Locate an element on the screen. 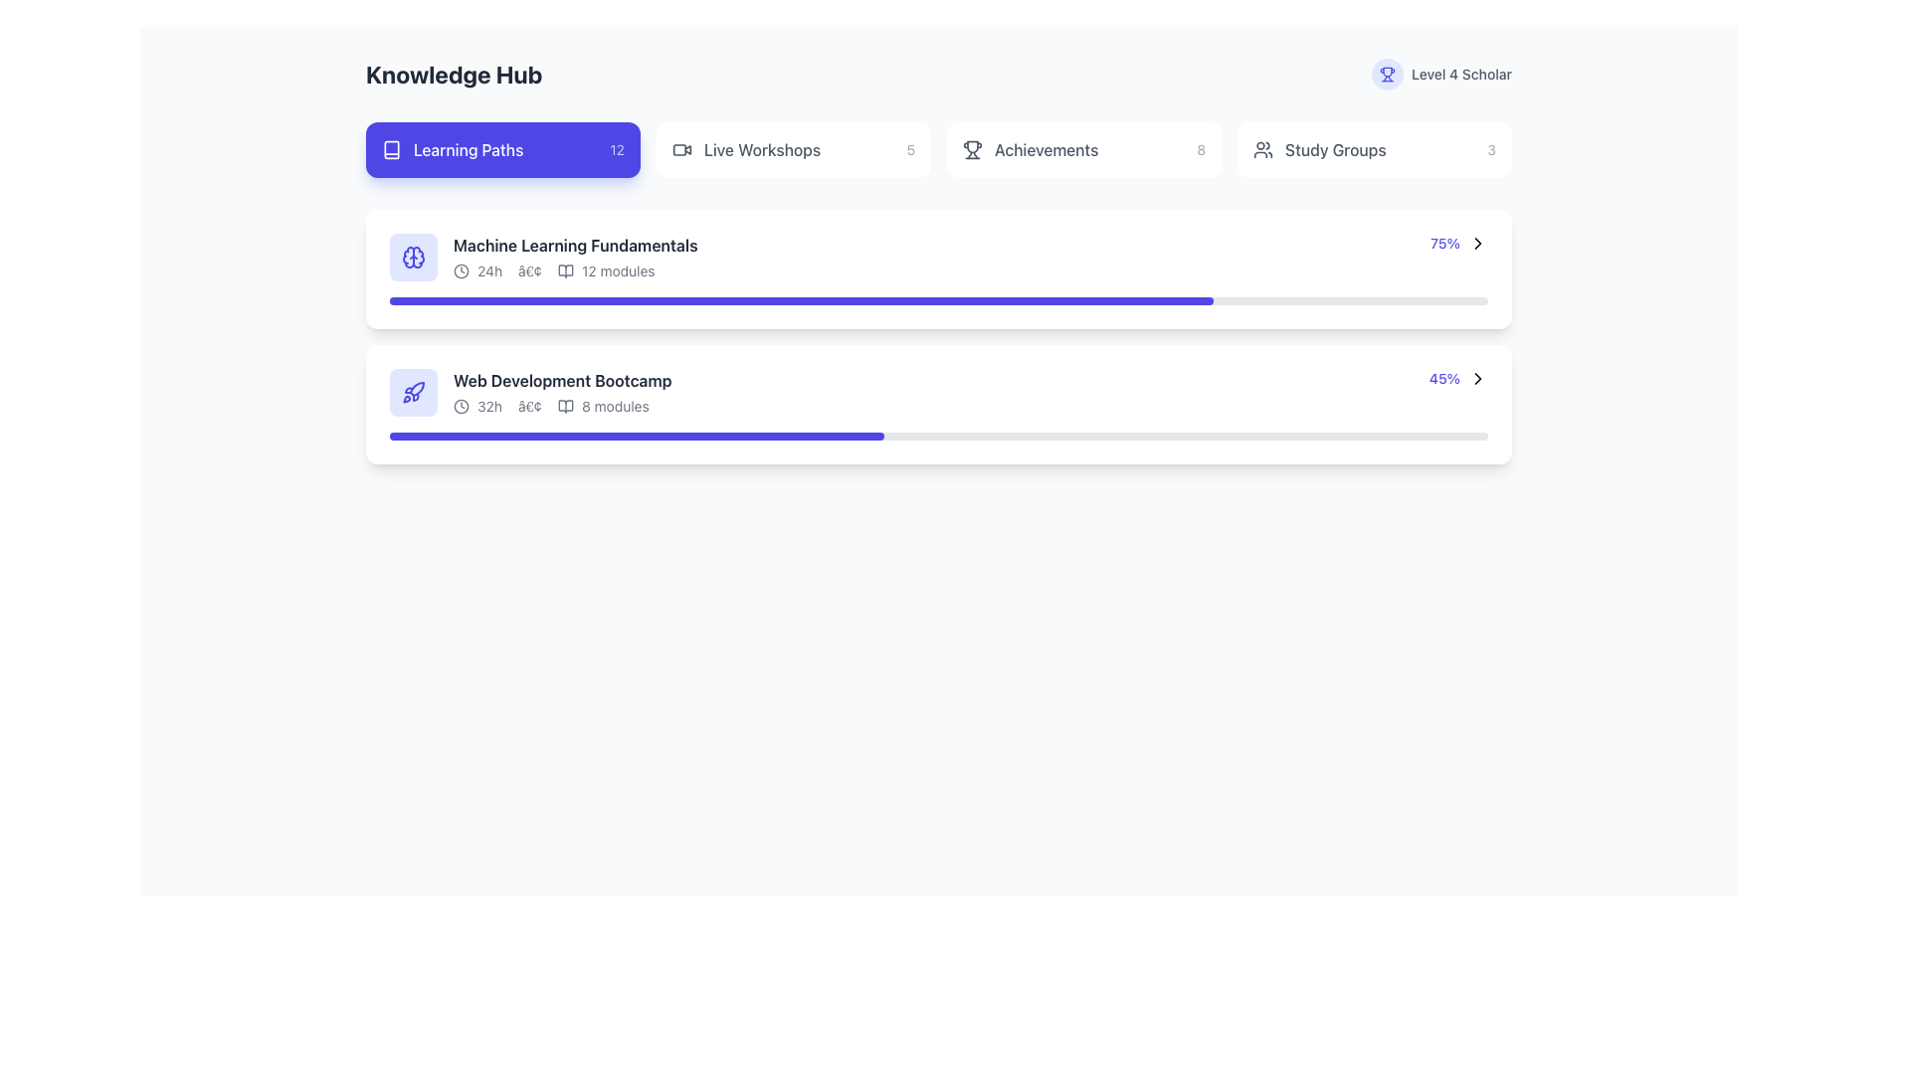 The image size is (1910, 1074). the second interactive row in the list, labeled 'Web Development Bootcamp' is located at coordinates (530, 392).